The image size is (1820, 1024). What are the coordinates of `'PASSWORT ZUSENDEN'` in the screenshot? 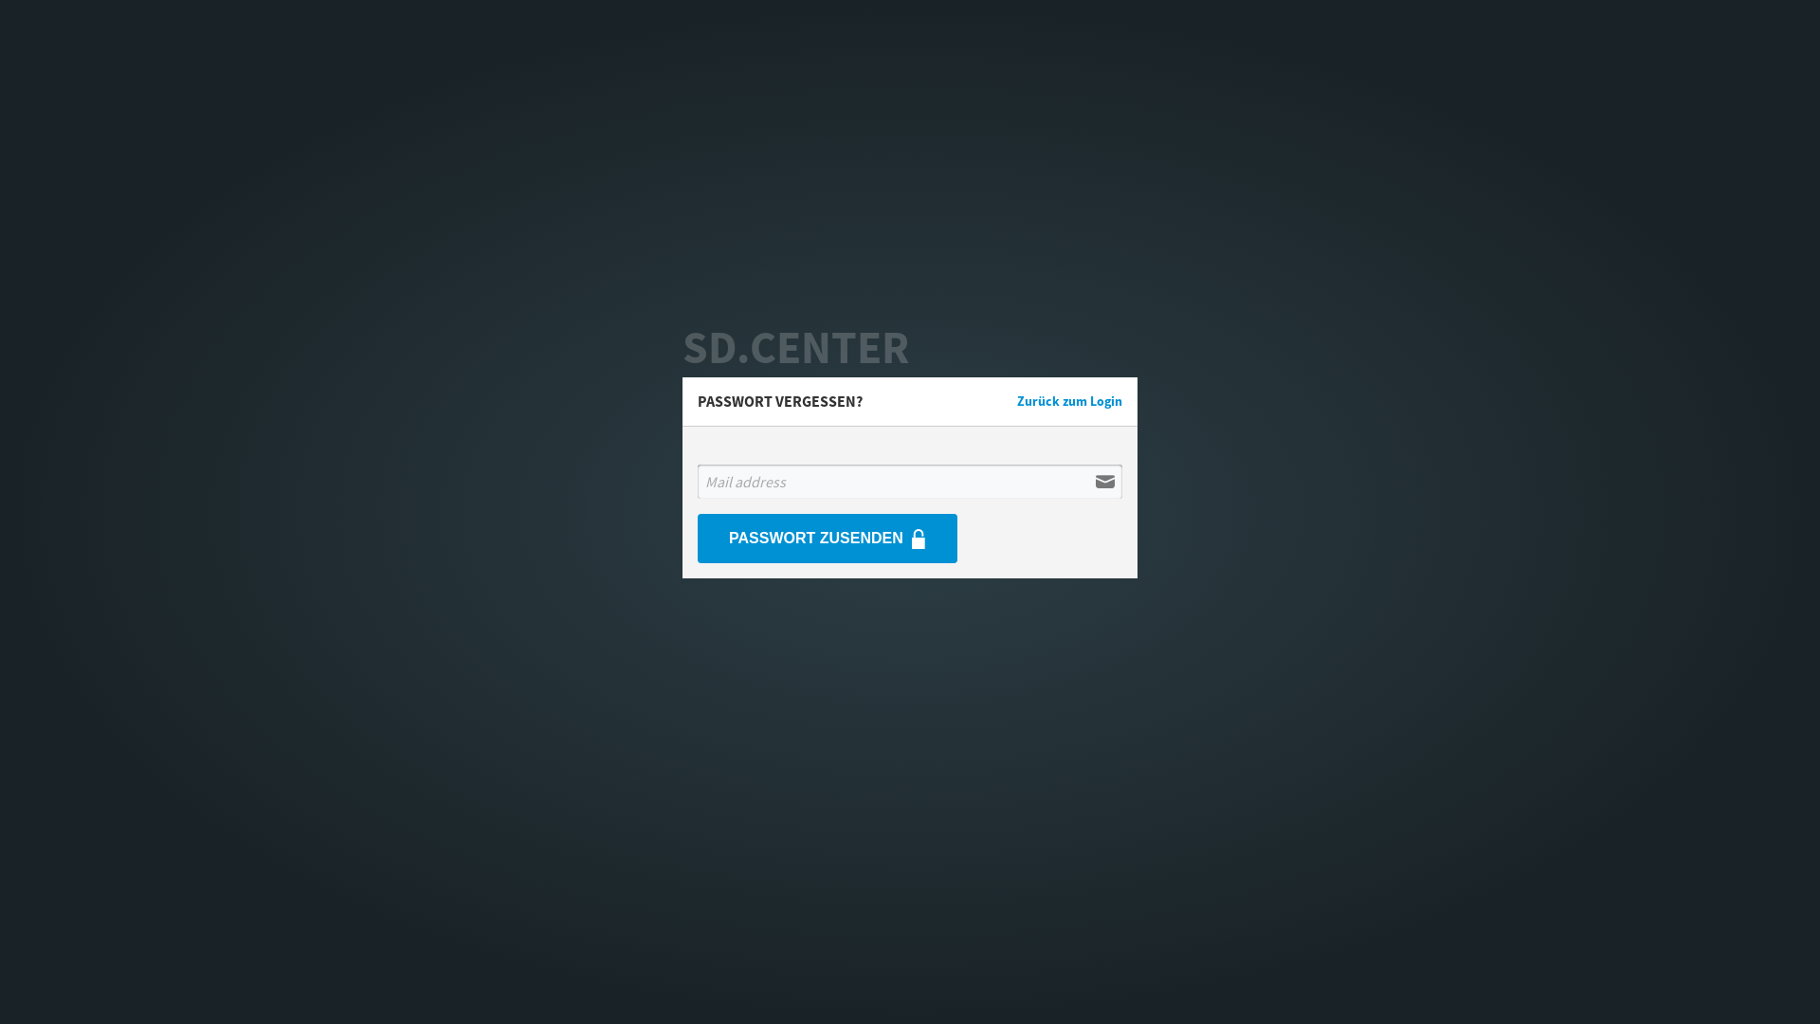 It's located at (828, 538).